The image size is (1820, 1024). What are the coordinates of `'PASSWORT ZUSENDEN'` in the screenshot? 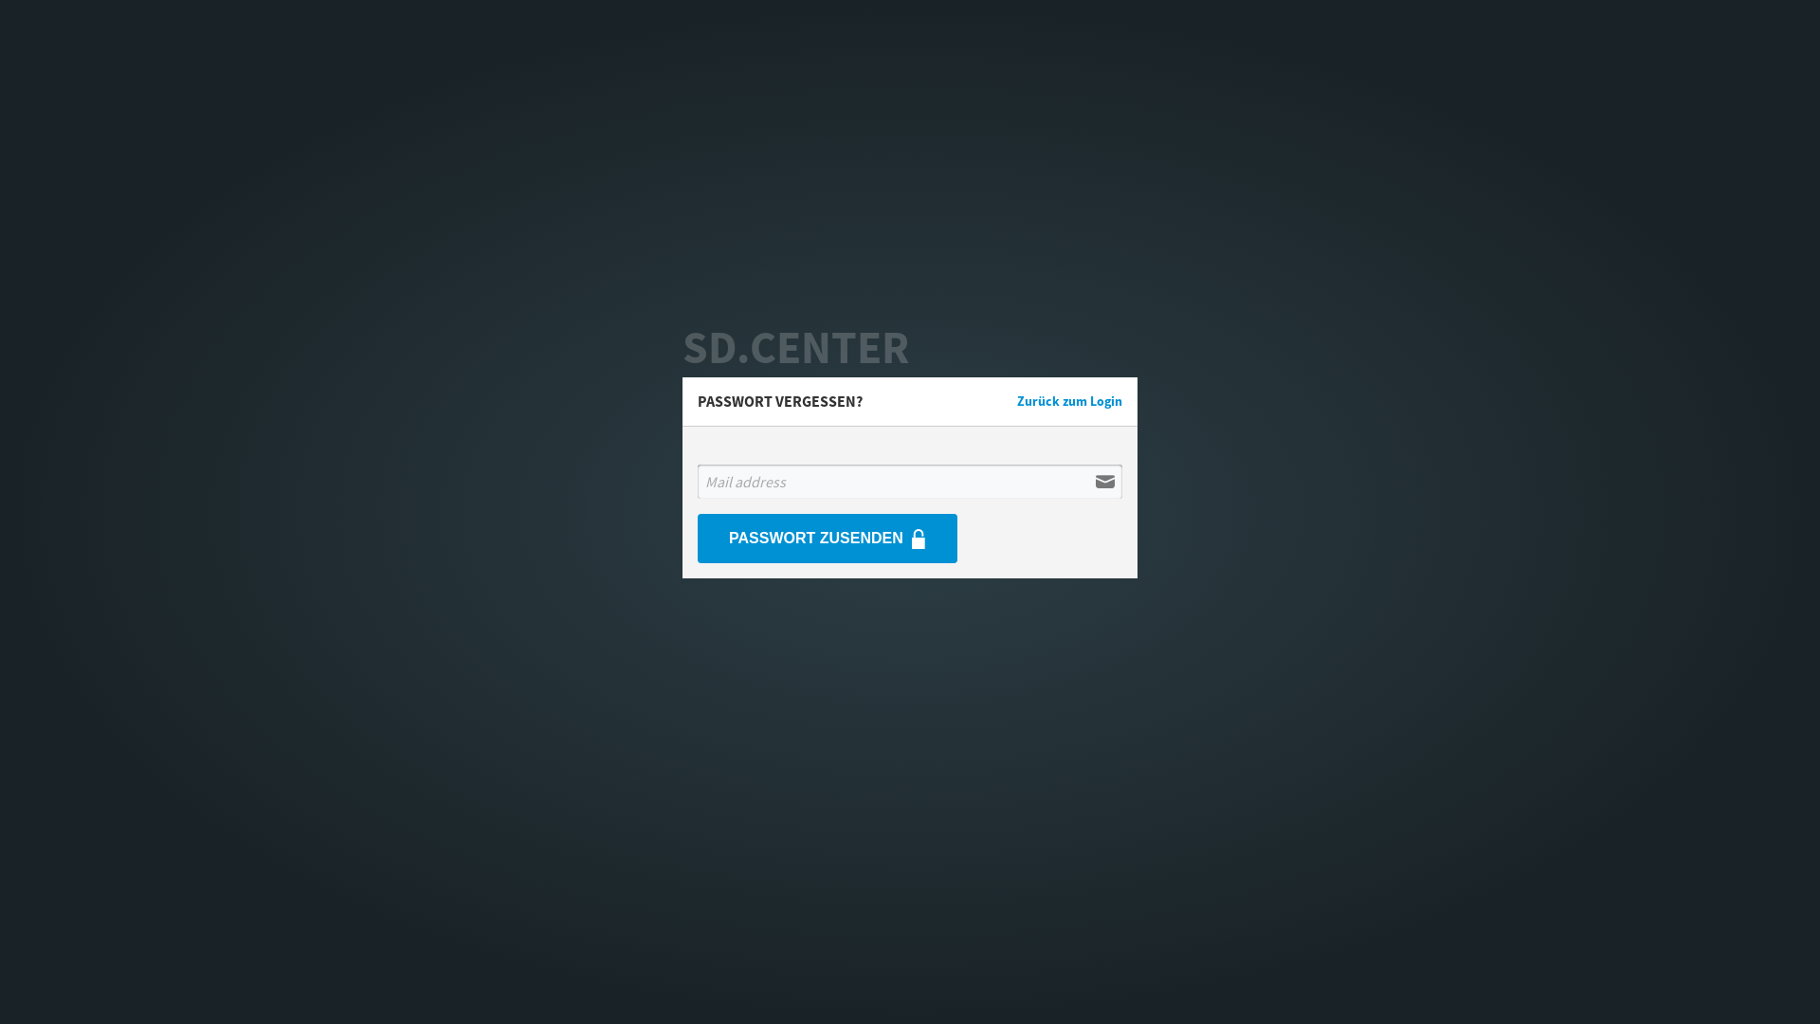 It's located at (828, 538).